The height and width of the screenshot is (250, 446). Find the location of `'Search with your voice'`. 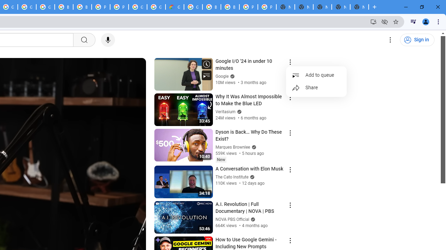

'Search with your voice' is located at coordinates (107, 40).